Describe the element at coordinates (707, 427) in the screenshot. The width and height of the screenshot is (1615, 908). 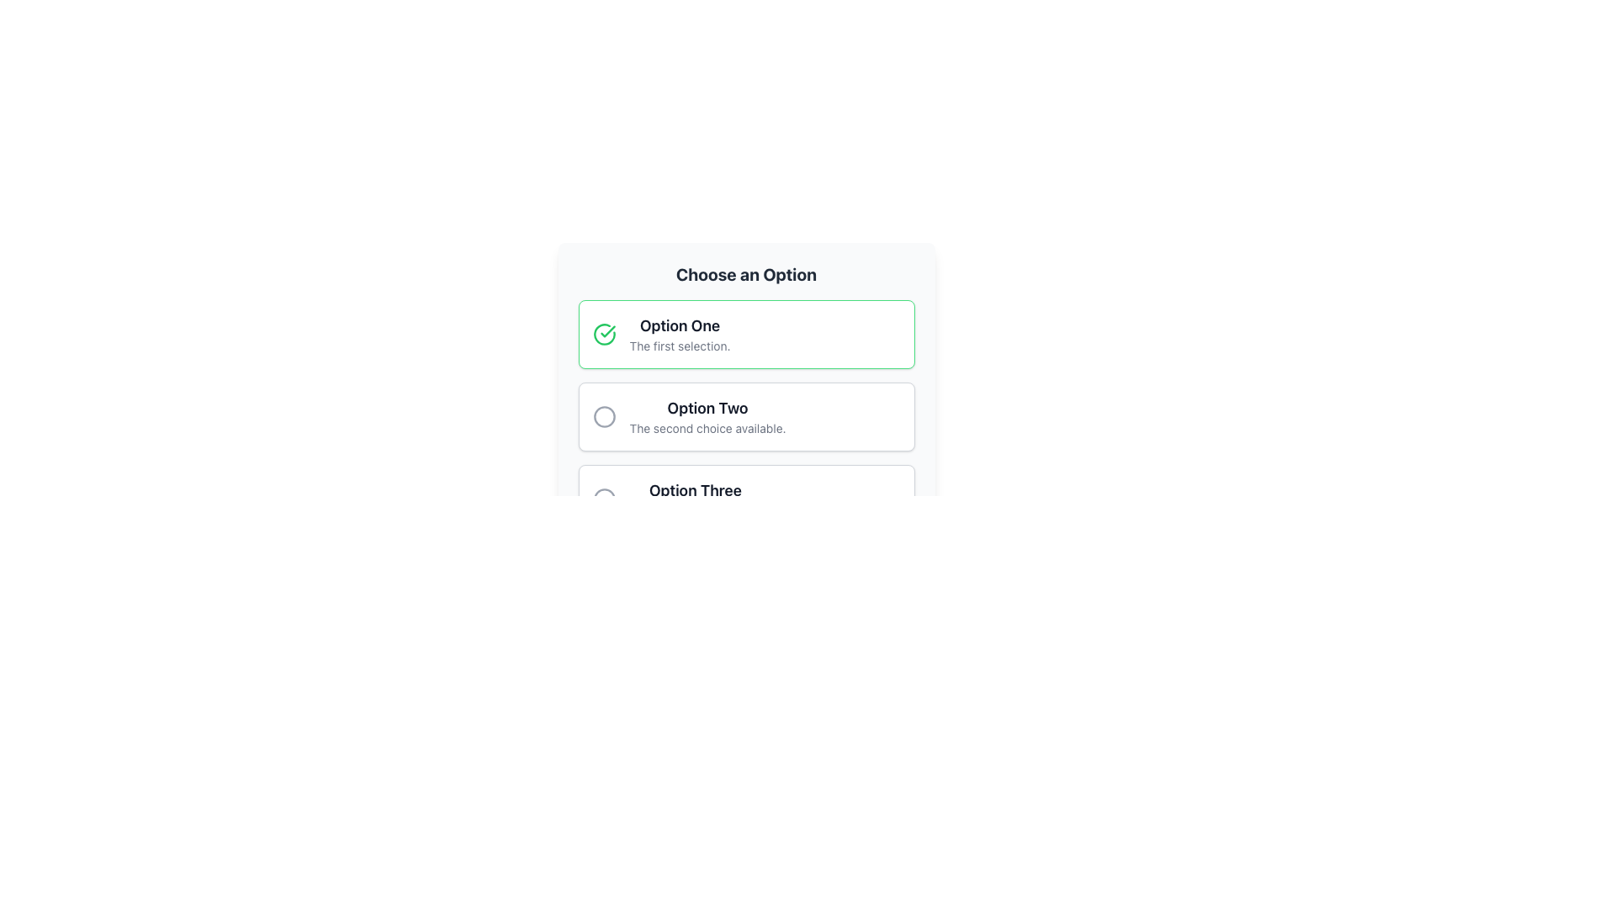
I see `text element that displays 'The second choice available.' located directly underneath the 'Option Two' title` at that location.